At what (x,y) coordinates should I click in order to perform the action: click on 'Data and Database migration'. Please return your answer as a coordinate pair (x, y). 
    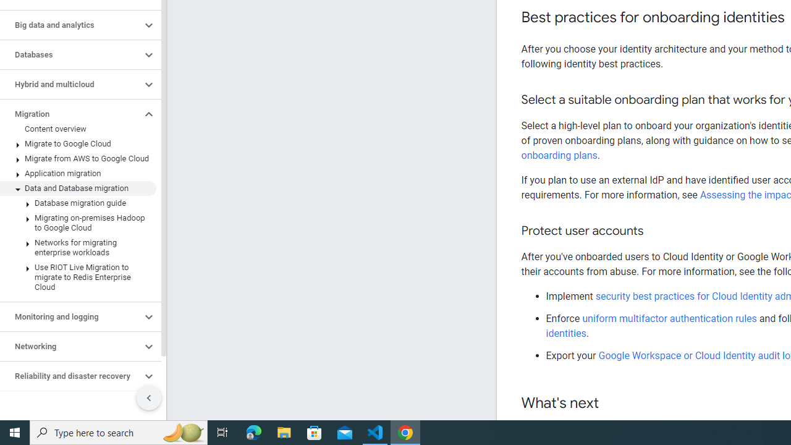
    Looking at the image, I should click on (77, 188).